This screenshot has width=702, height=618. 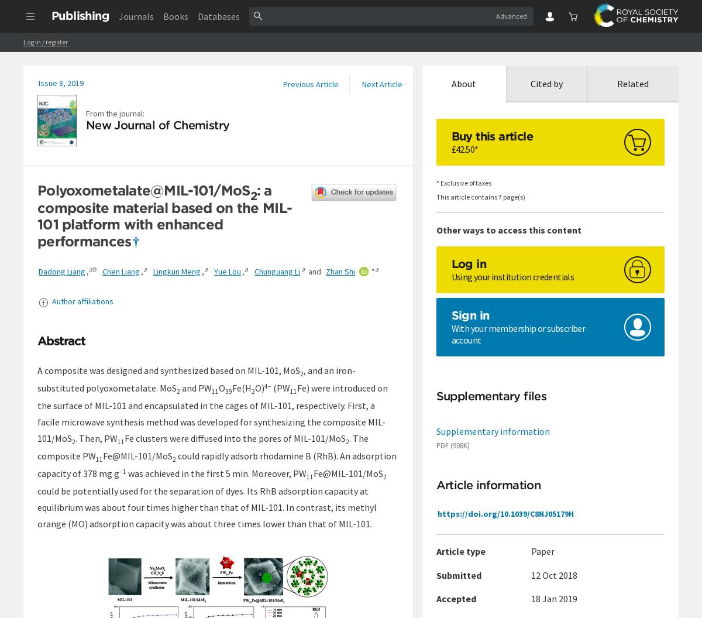 What do you see at coordinates (491, 135) in the screenshot?
I see `'Buy this article'` at bounding box center [491, 135].